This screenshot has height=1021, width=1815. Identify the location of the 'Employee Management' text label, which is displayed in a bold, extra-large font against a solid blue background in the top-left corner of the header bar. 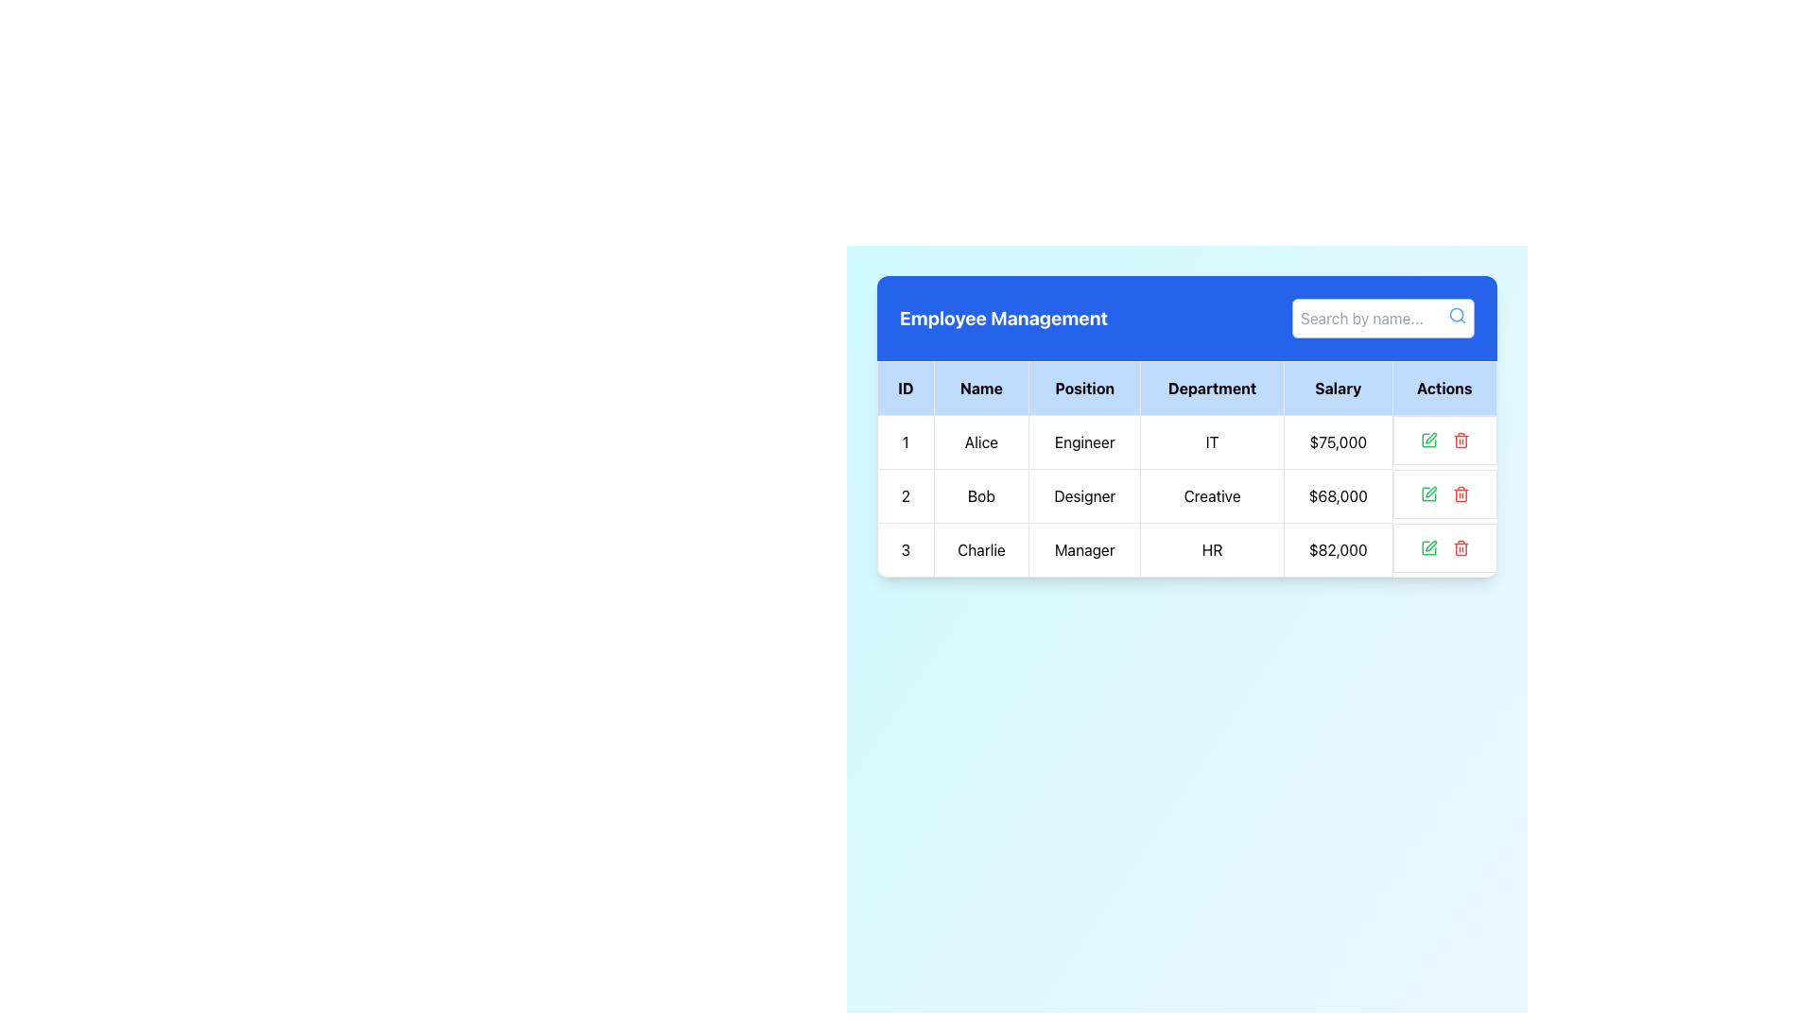
(1002, 317).